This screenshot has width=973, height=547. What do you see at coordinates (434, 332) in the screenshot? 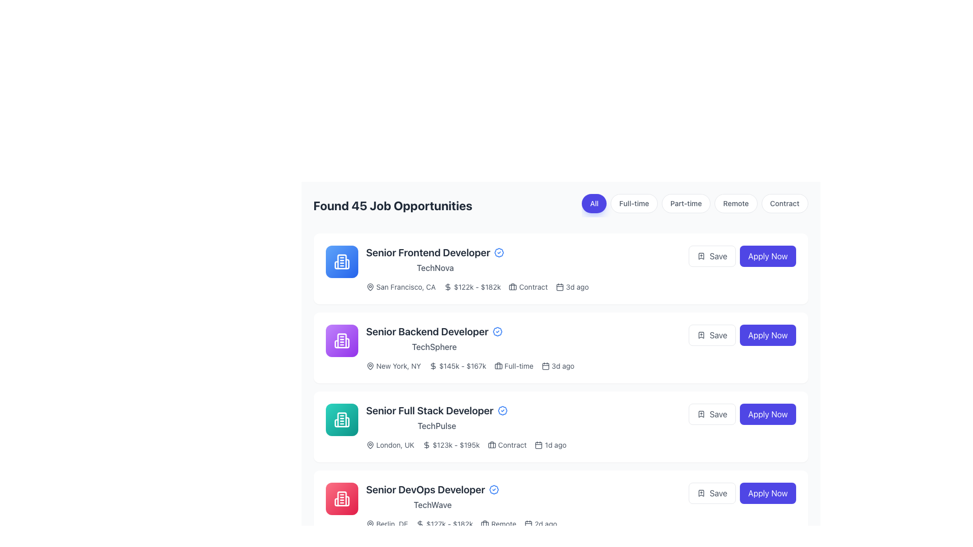
I see `the Text Label (Title) with an attached Icon for the job listing` at bounding box center [434, 332].